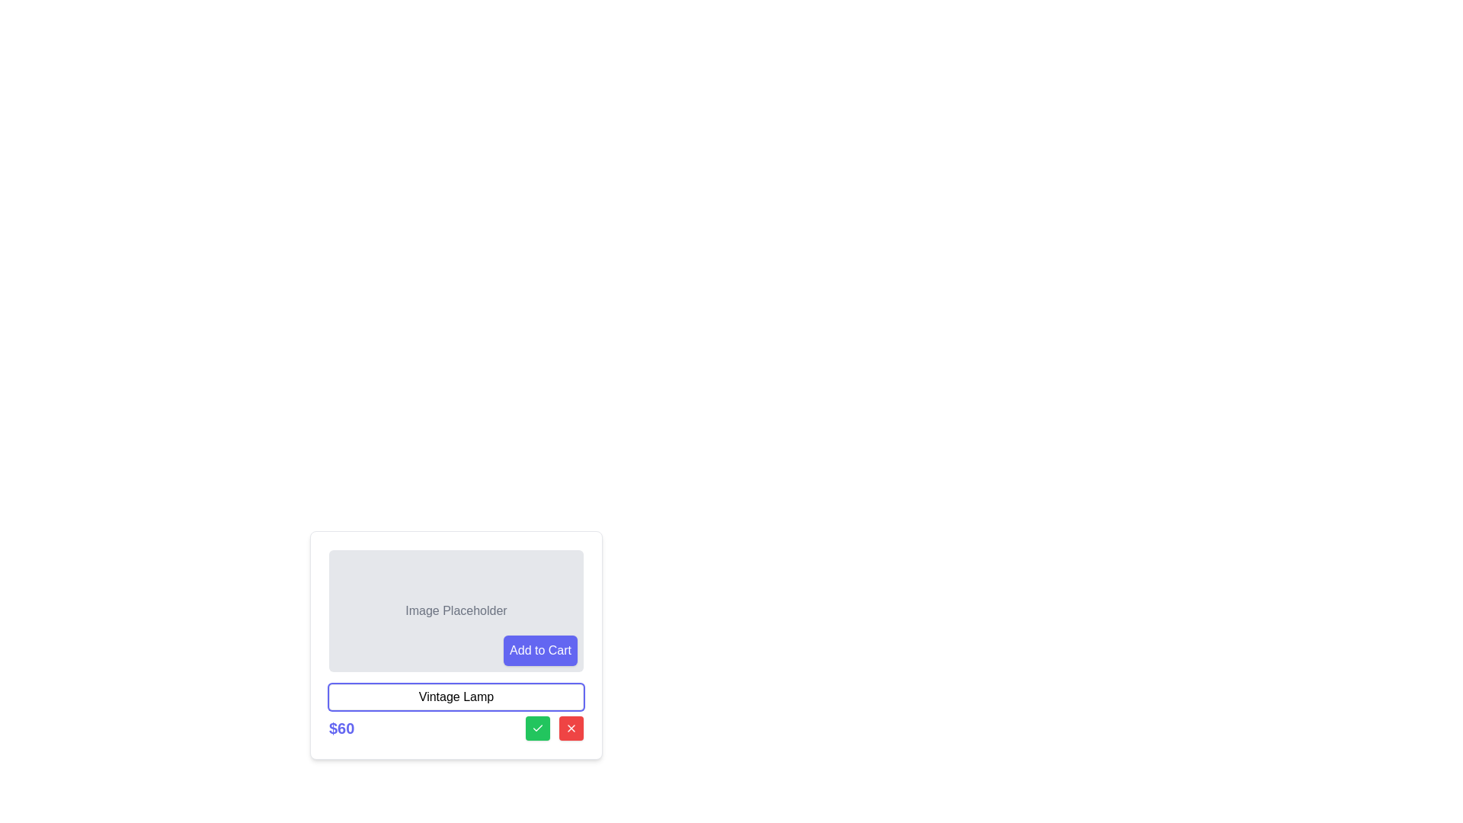 The image size is (1463, 823). I want to click on the green button with a white checkmark icon located below the 'Vintage Lamp' text and to the left of the red button, so click(537, 728).